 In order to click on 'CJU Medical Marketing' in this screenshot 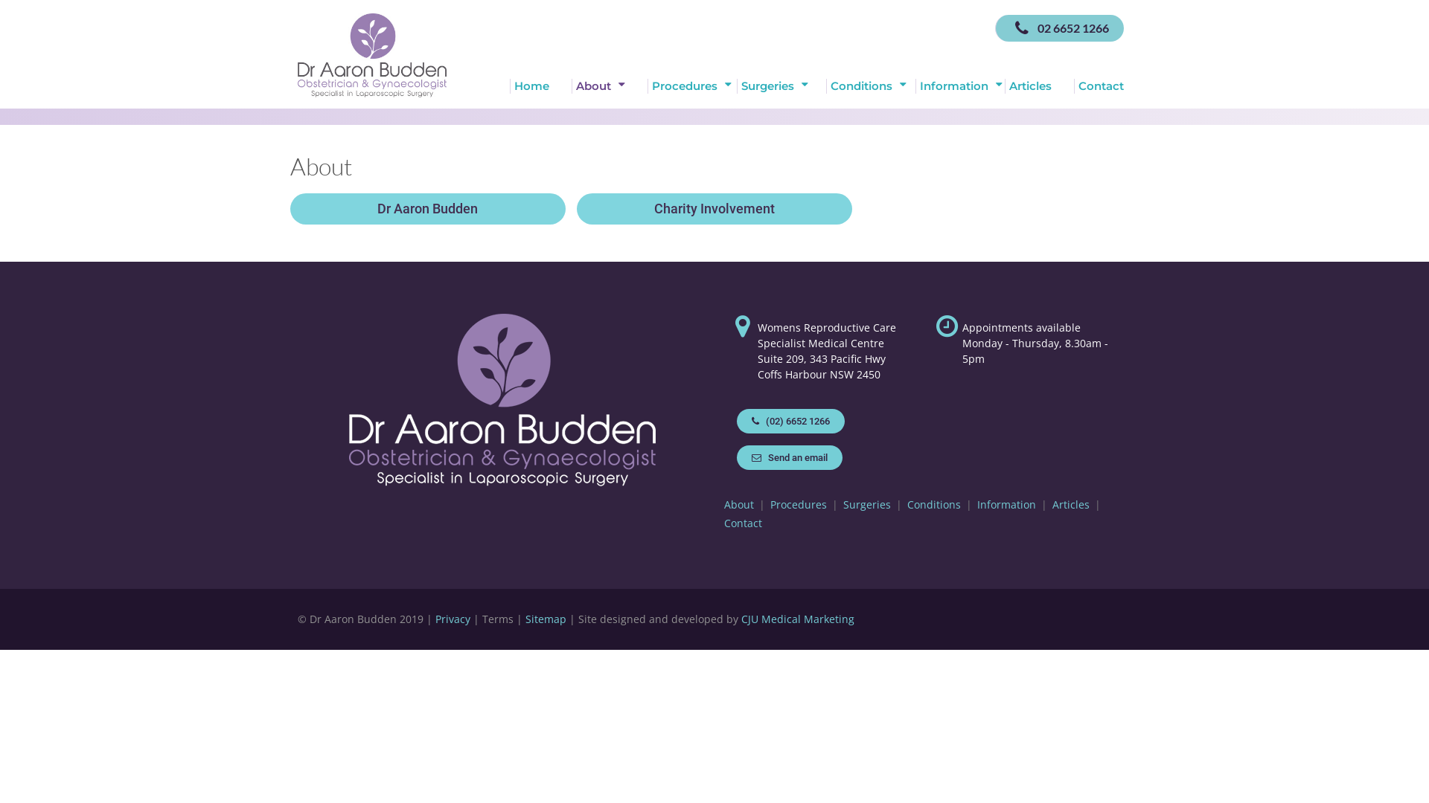, I will do `click(796, 619)`.